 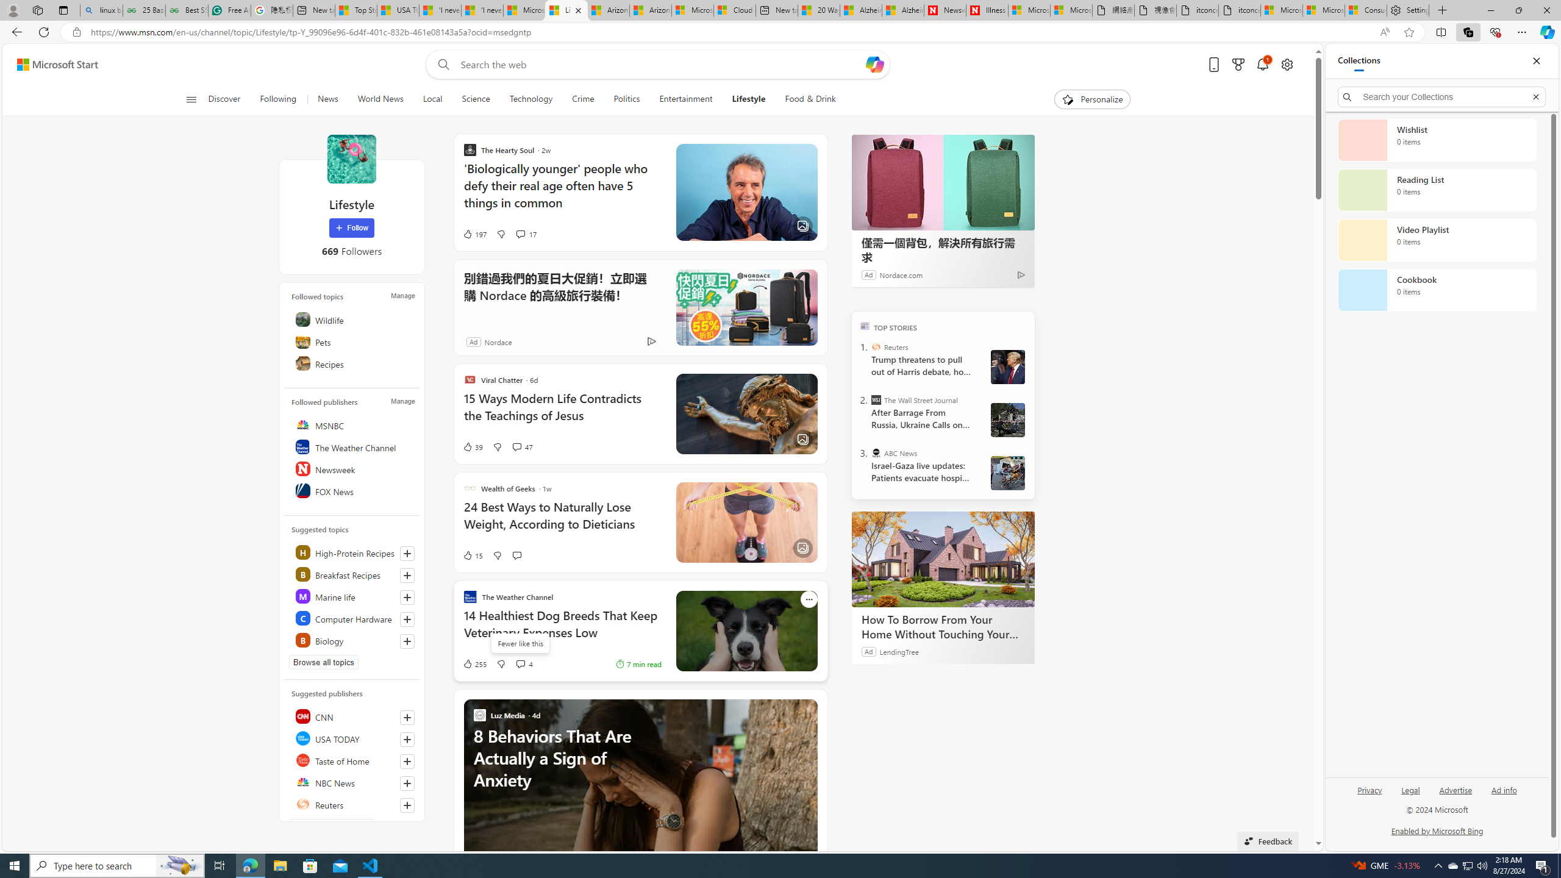 What do you see at coordinates (865, 324) in the screenshot?
I see `'TOP'` at bounding box center [865, 324].